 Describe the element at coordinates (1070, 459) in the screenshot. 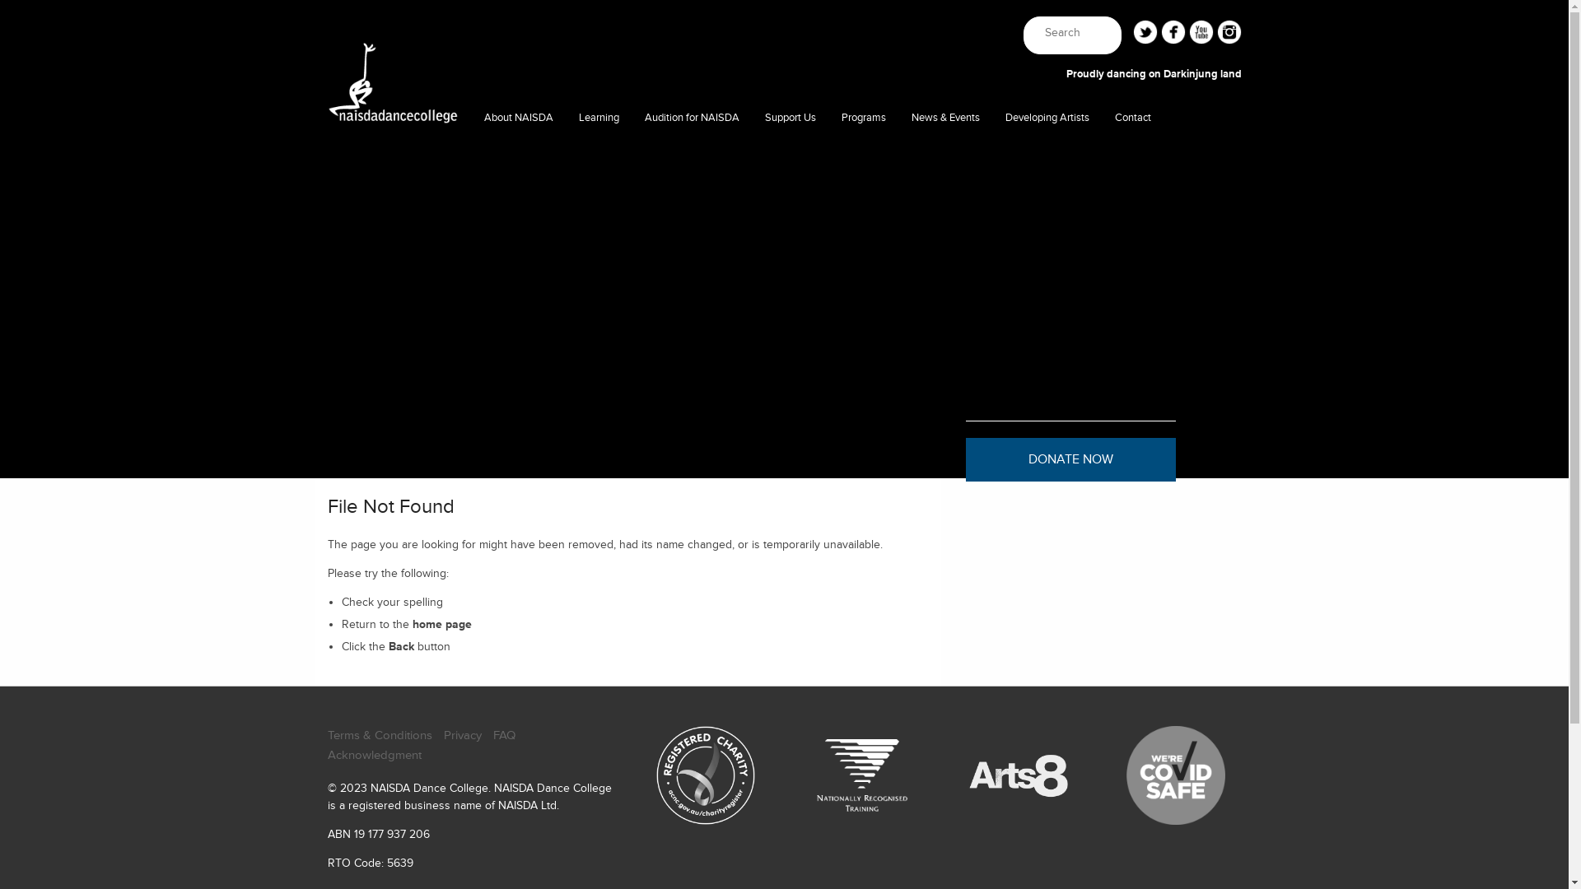

I see `'DONATE NOW'` at that location.